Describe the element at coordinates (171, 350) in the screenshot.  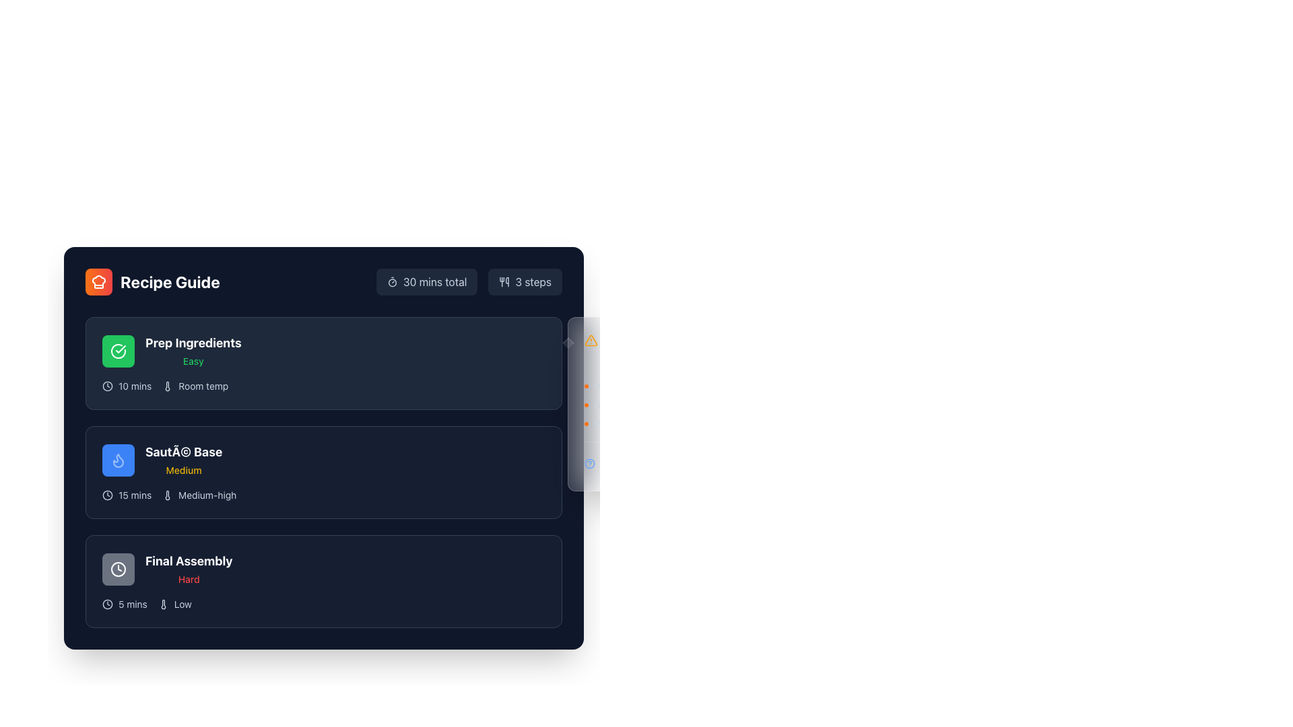
I see `the Step Card with the green checkmark icon and the text 'Prep Ingredients'` at that location.